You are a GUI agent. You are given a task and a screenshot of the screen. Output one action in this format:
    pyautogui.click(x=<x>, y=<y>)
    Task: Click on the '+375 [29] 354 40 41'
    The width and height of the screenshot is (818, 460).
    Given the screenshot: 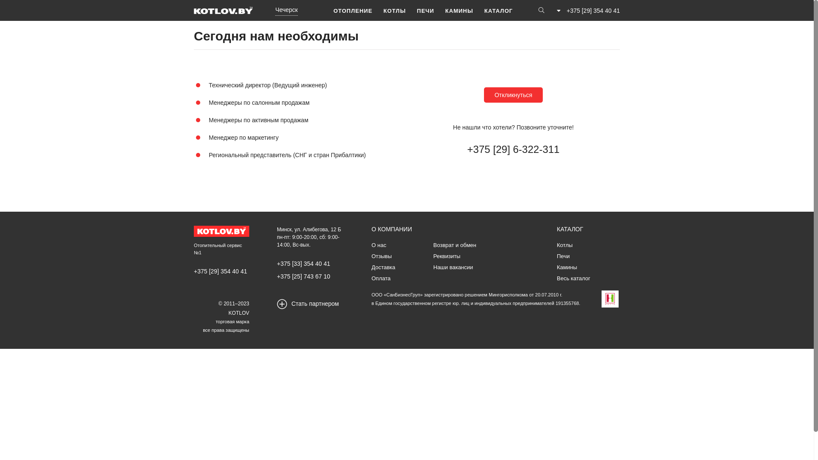 What is the action you would take?
    pyautogui.click(x=220, y=271)
    